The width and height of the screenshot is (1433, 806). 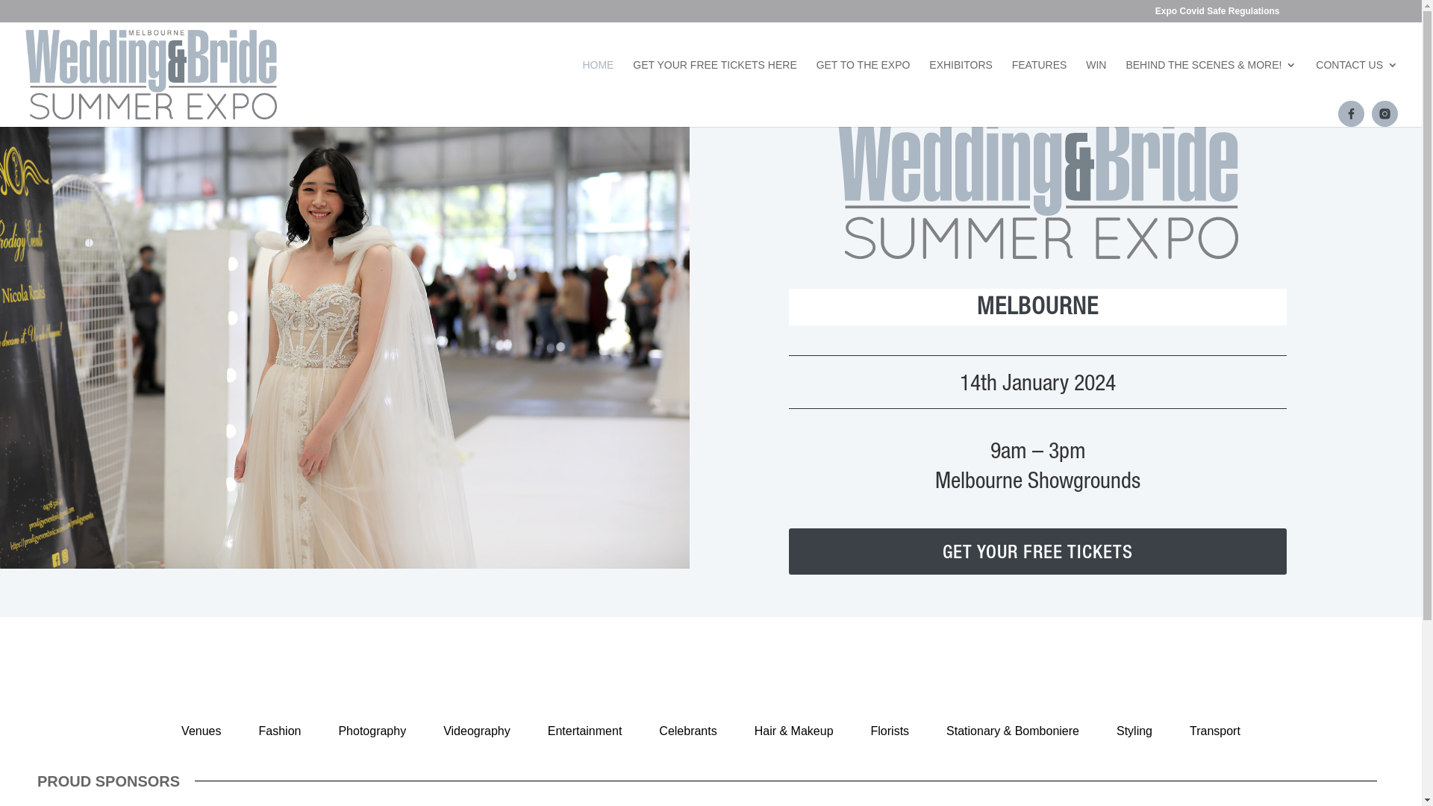 What do you see at coordinates (1096, 83) in the screenshot?
I see `'WIN'` at bounding box center [1096, 83].